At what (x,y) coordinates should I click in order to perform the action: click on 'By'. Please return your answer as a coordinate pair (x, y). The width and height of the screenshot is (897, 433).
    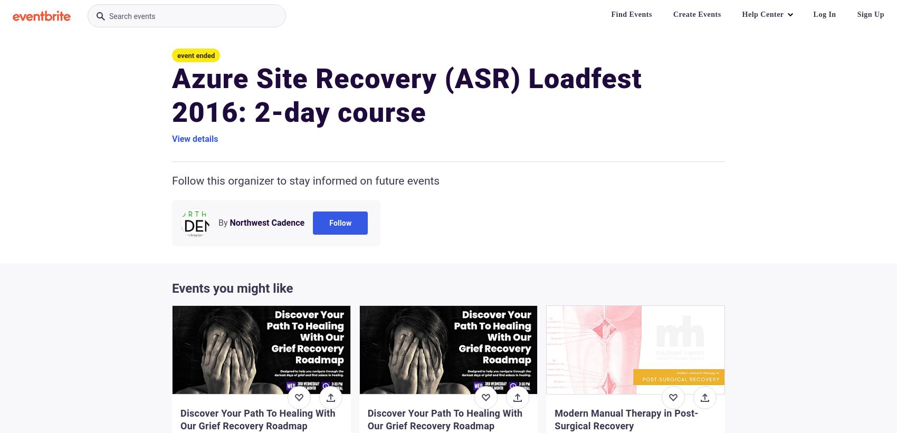
    Looking at the image, I should click on (222, 223).